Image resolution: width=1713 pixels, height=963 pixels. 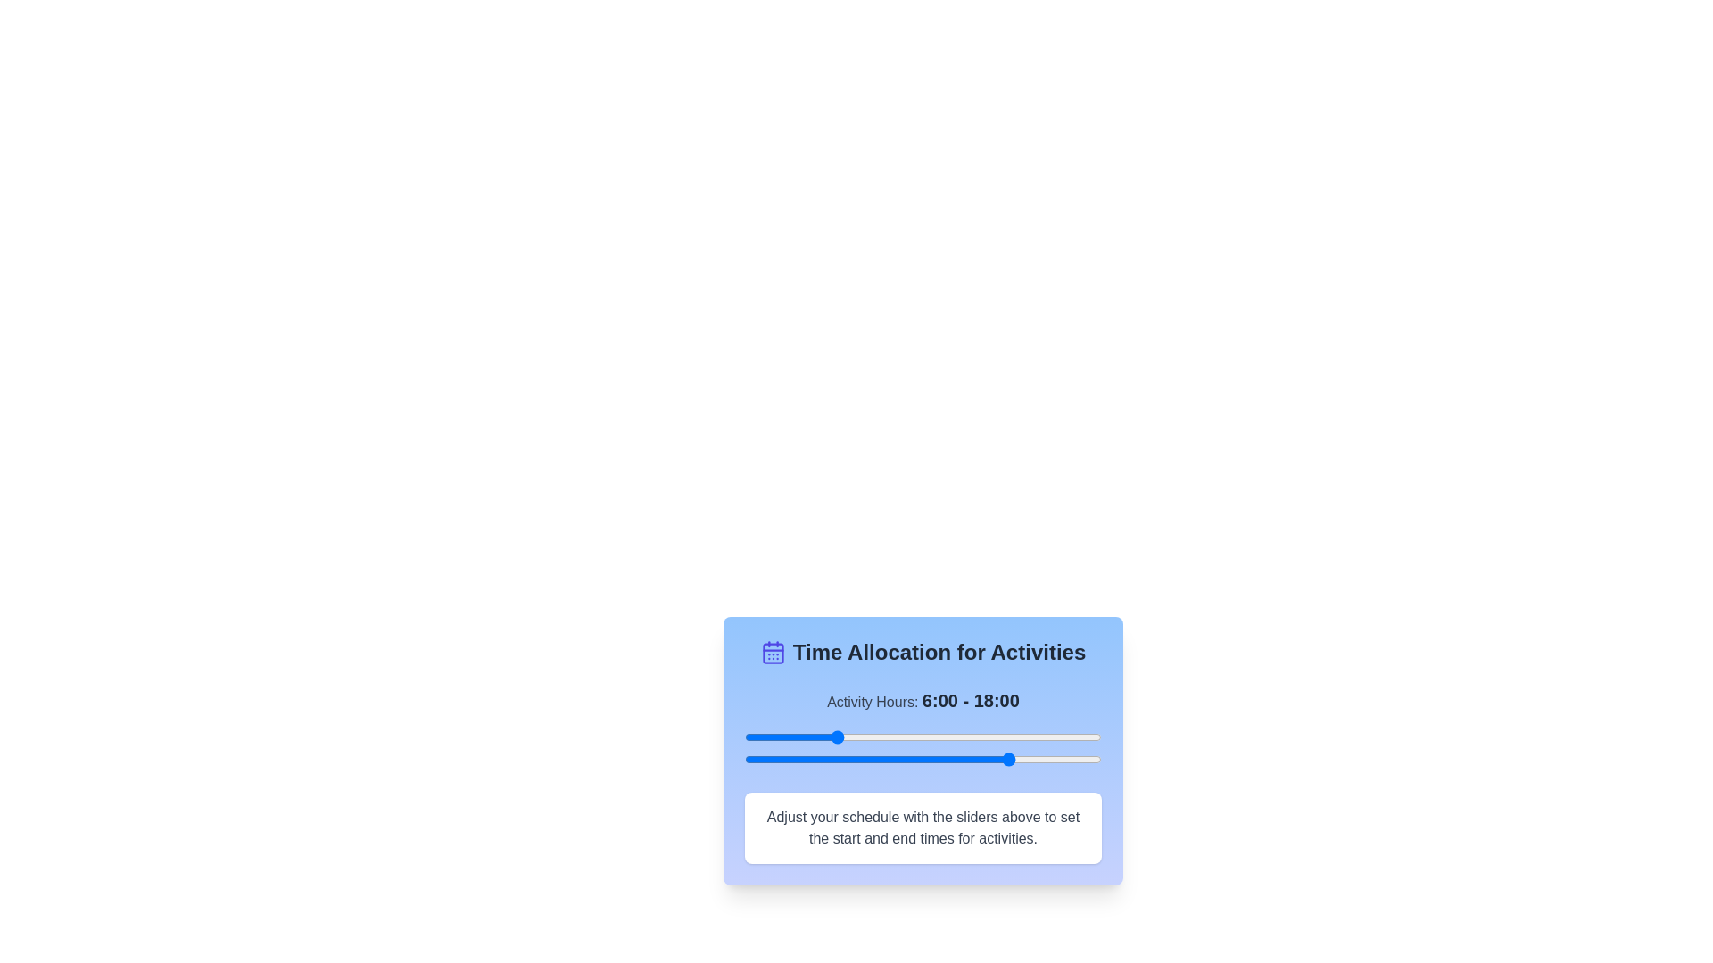 What do you see at coordinates (970, 700) in the screenshot?
I see `the displayed time range text for better visibility` at bounding box center [970, 700].